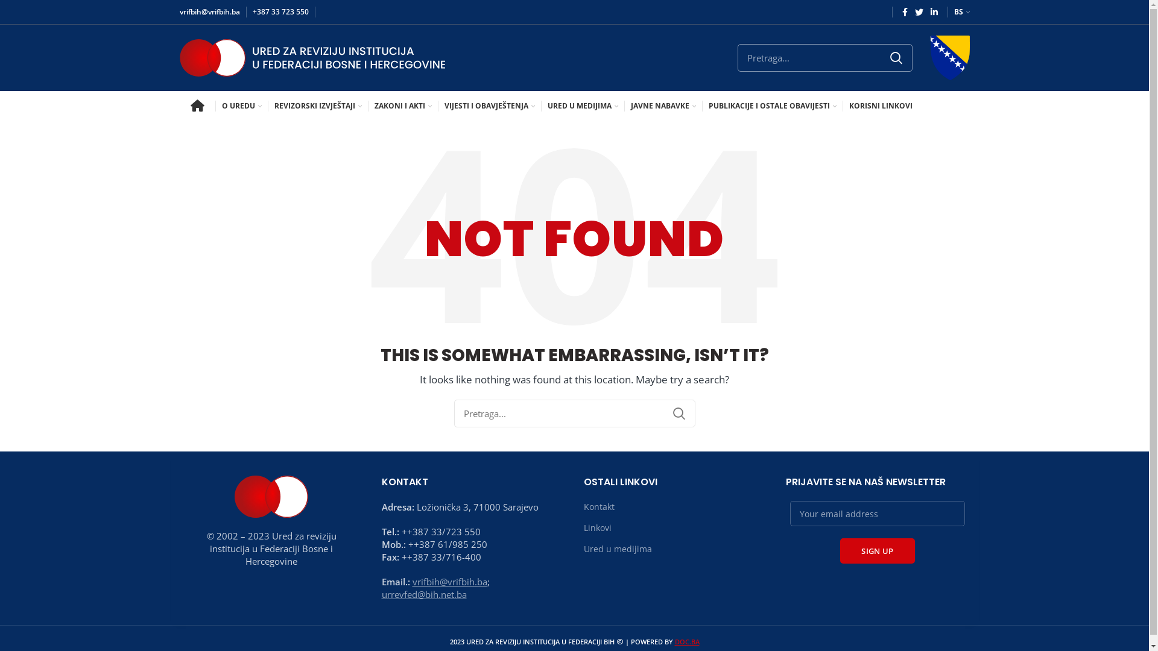 Image resolution: width=1158 pixels, height=651 pixels. What do you see at coordinates (618, 549) in the screenshot?
I see `'Ured u medijima'` at bounding box center [618, 549].